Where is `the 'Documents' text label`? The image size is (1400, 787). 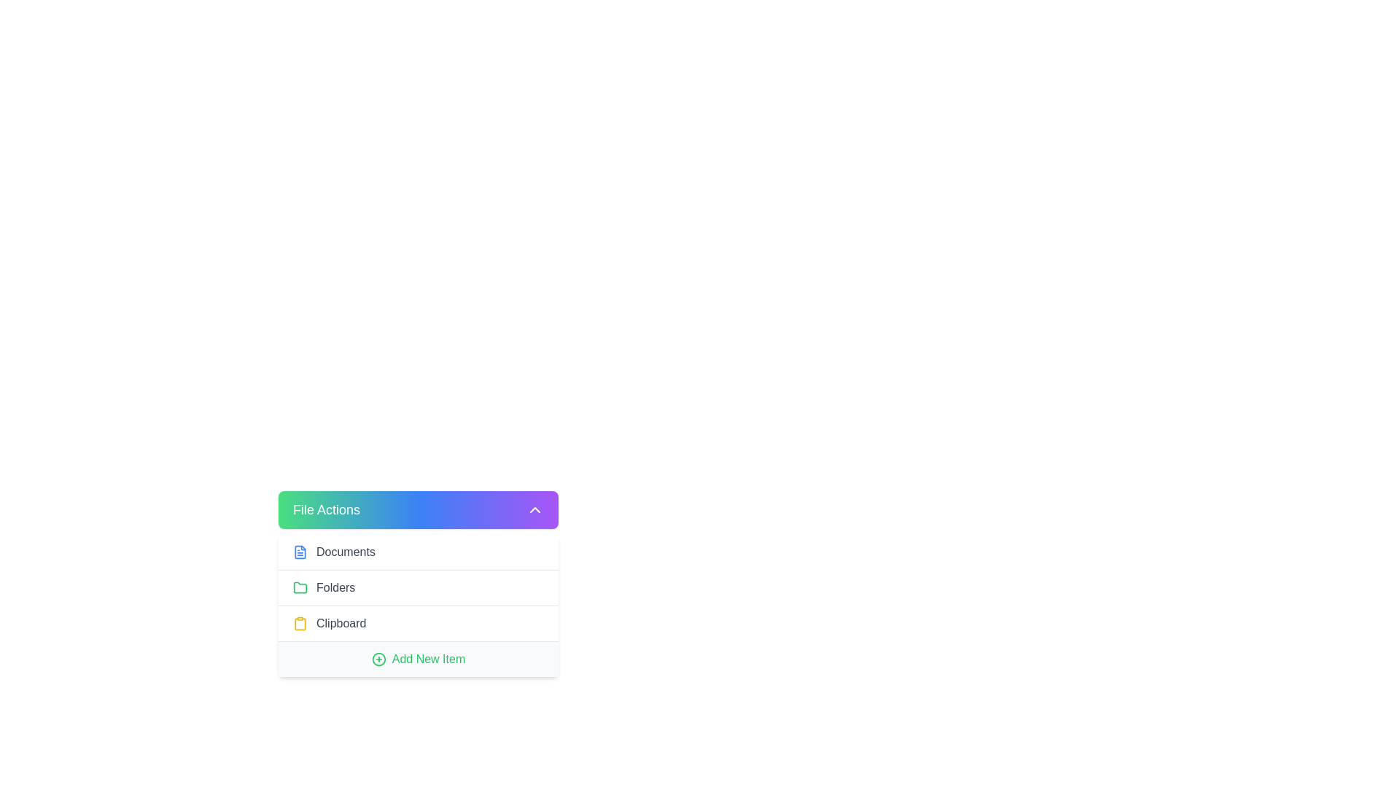
the 'Documents' text label is located at coordinates (345, 552).